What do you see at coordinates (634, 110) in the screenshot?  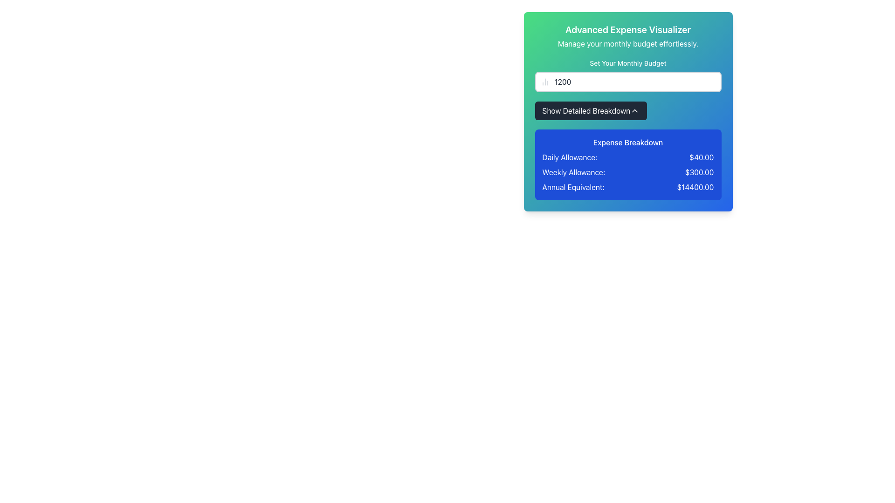 I see `the downward-pointing chevron icon at the right end of the 'Show Detailed Breakdown' button` at bounding box center [634, 110].